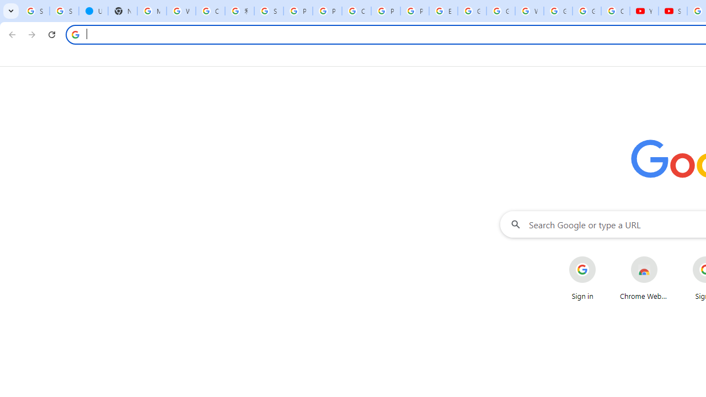 The image size is (706, 397). I want to click on 'Google Account', so click(586, 11).